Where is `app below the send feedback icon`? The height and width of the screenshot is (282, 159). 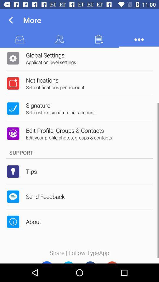
app below the send feedback icon is located at coordinates (33, 221).